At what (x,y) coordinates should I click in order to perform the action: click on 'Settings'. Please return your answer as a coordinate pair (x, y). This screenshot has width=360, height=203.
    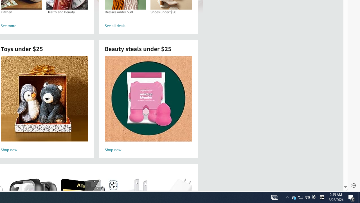
    Looking at the image, I should click on (354, 186).